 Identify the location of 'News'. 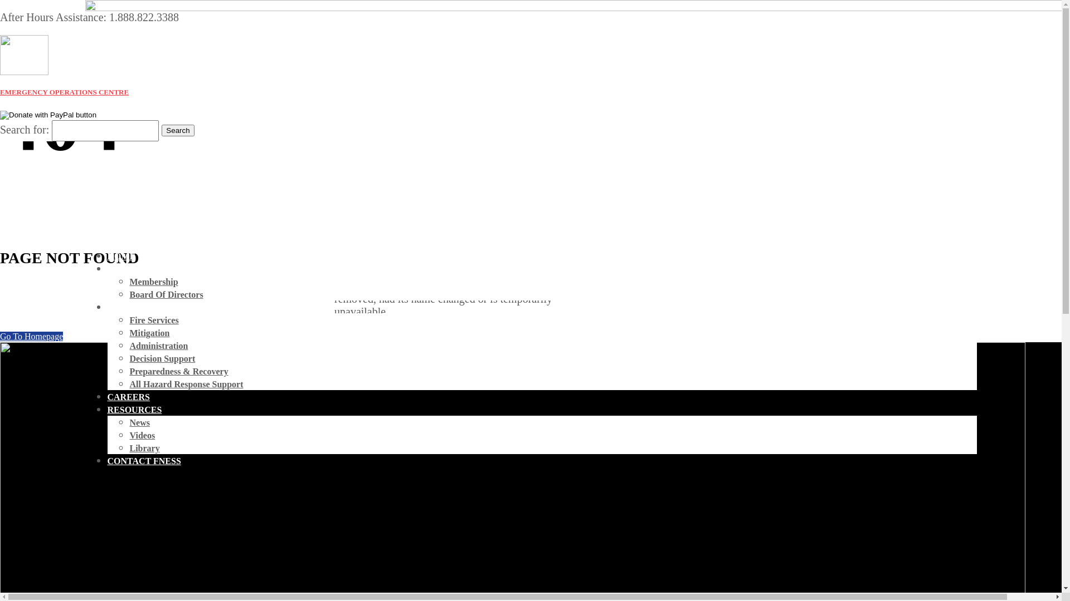
(138, 422).